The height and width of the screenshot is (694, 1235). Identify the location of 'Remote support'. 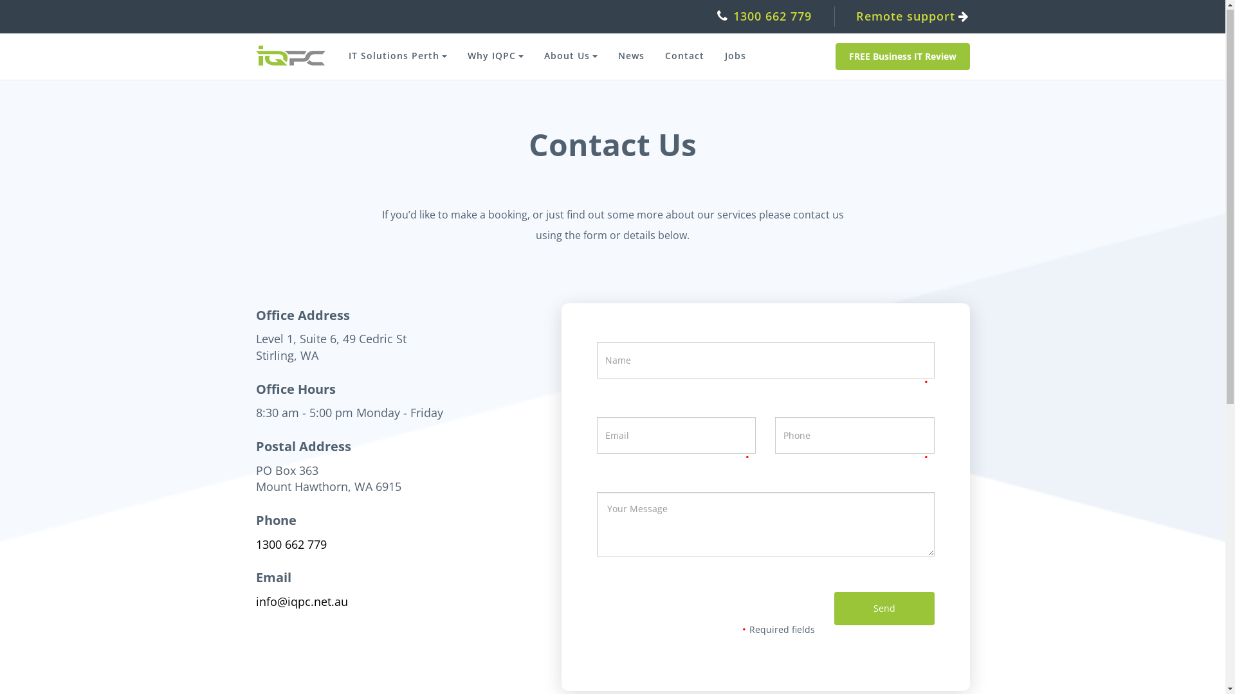
(906, 17).